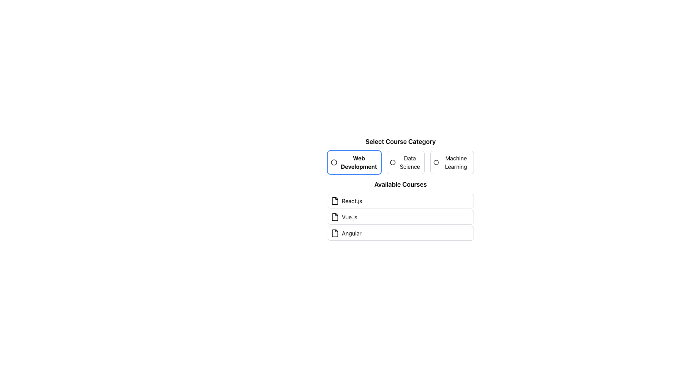  I want to click on the circular graphical icon representing the 'Machine Learning' category option, so click(436, 162).